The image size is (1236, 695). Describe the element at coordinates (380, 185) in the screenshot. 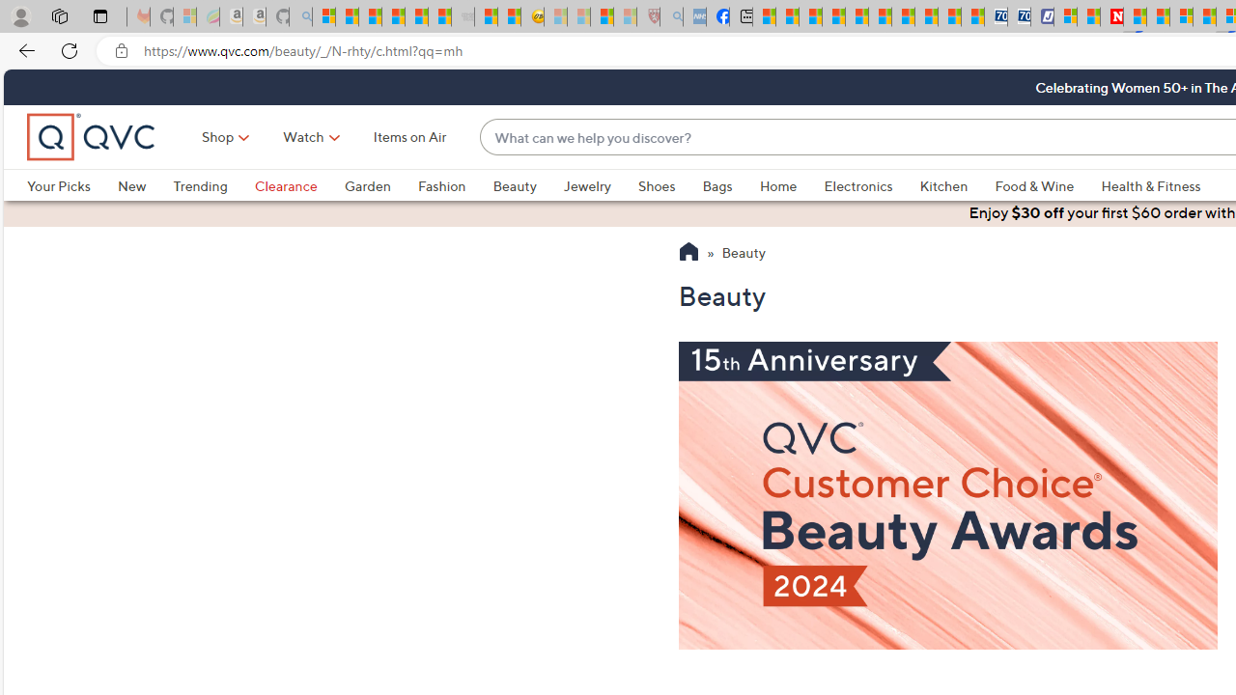

I see `'Garden'` at that location.